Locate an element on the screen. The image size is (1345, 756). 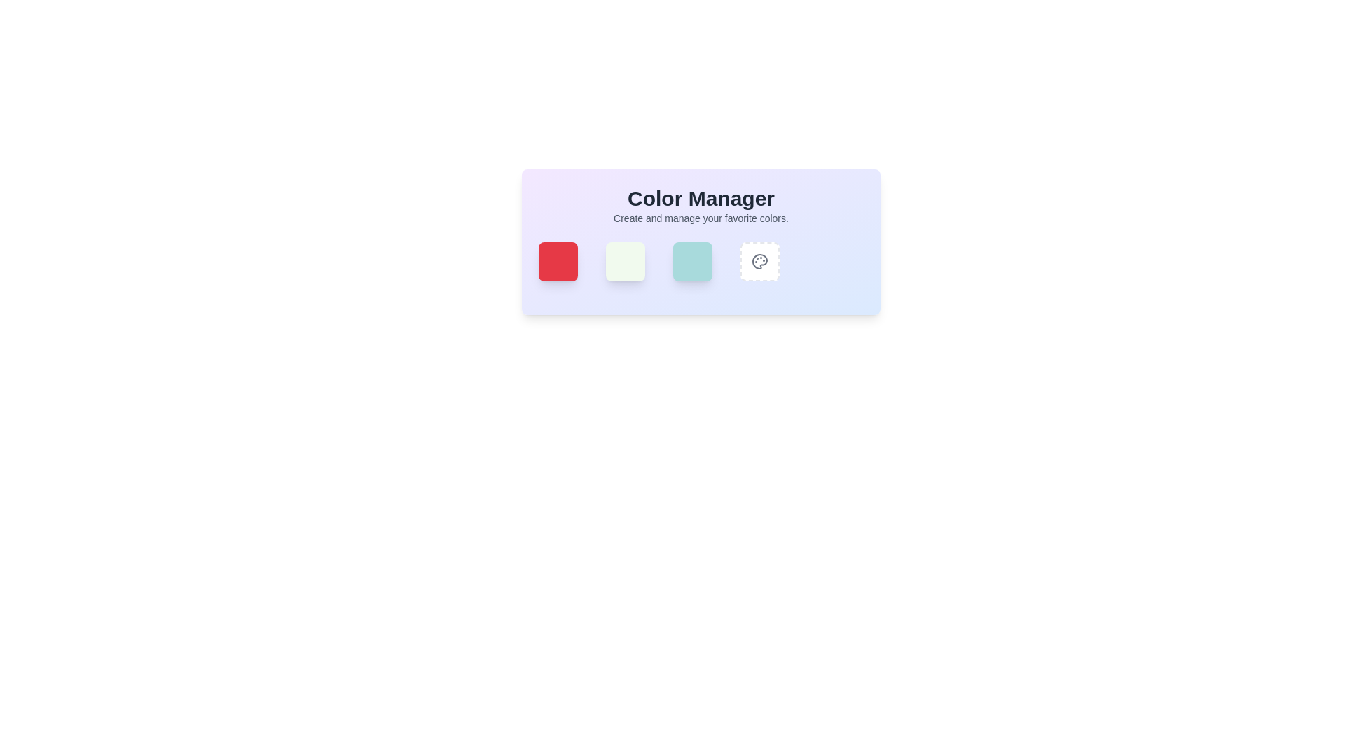
the static text that reads 'Create and manage your favorite colors,' which is located below the bold heading 'Color Manager.' is located at coordinates (701, 218).